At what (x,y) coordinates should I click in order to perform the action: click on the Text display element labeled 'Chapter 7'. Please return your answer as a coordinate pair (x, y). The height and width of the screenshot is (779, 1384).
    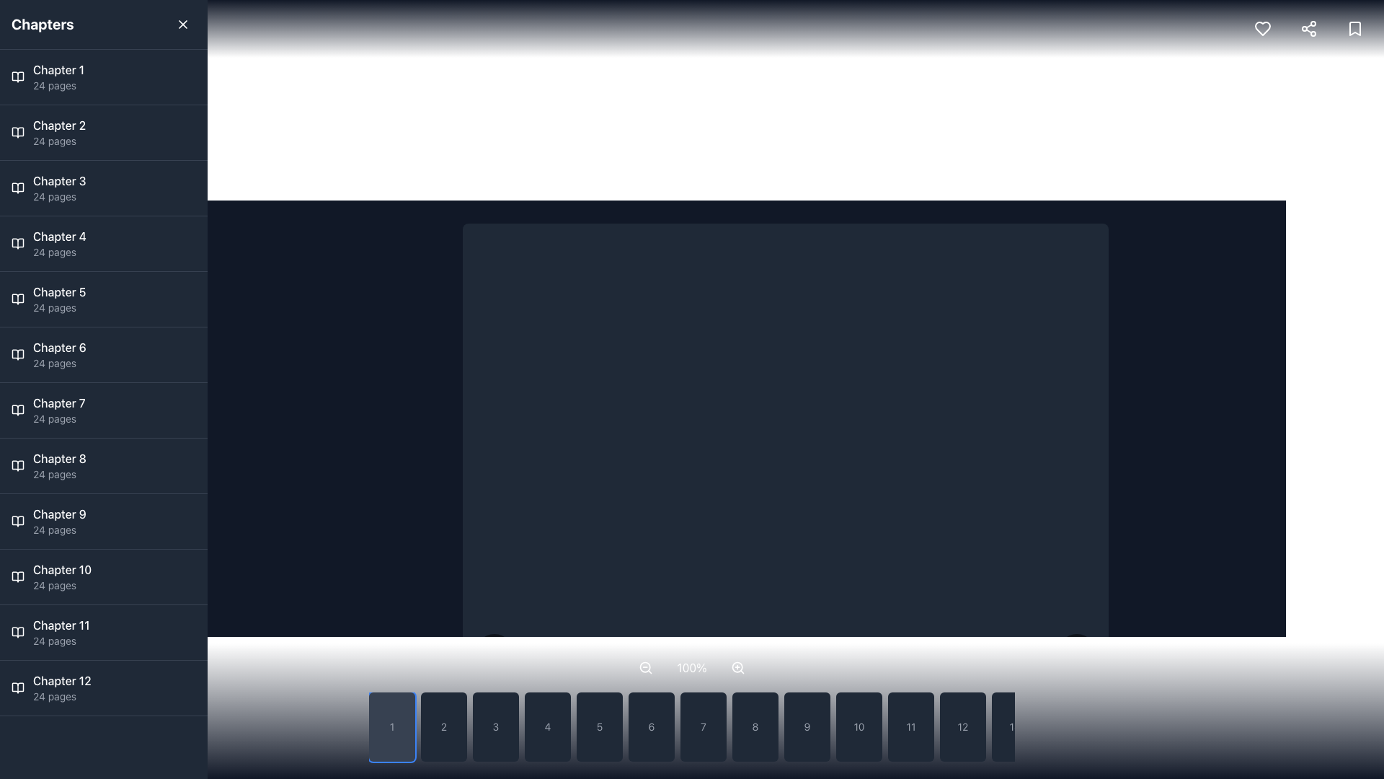
    Looking at the image, I should click on (58, 410).